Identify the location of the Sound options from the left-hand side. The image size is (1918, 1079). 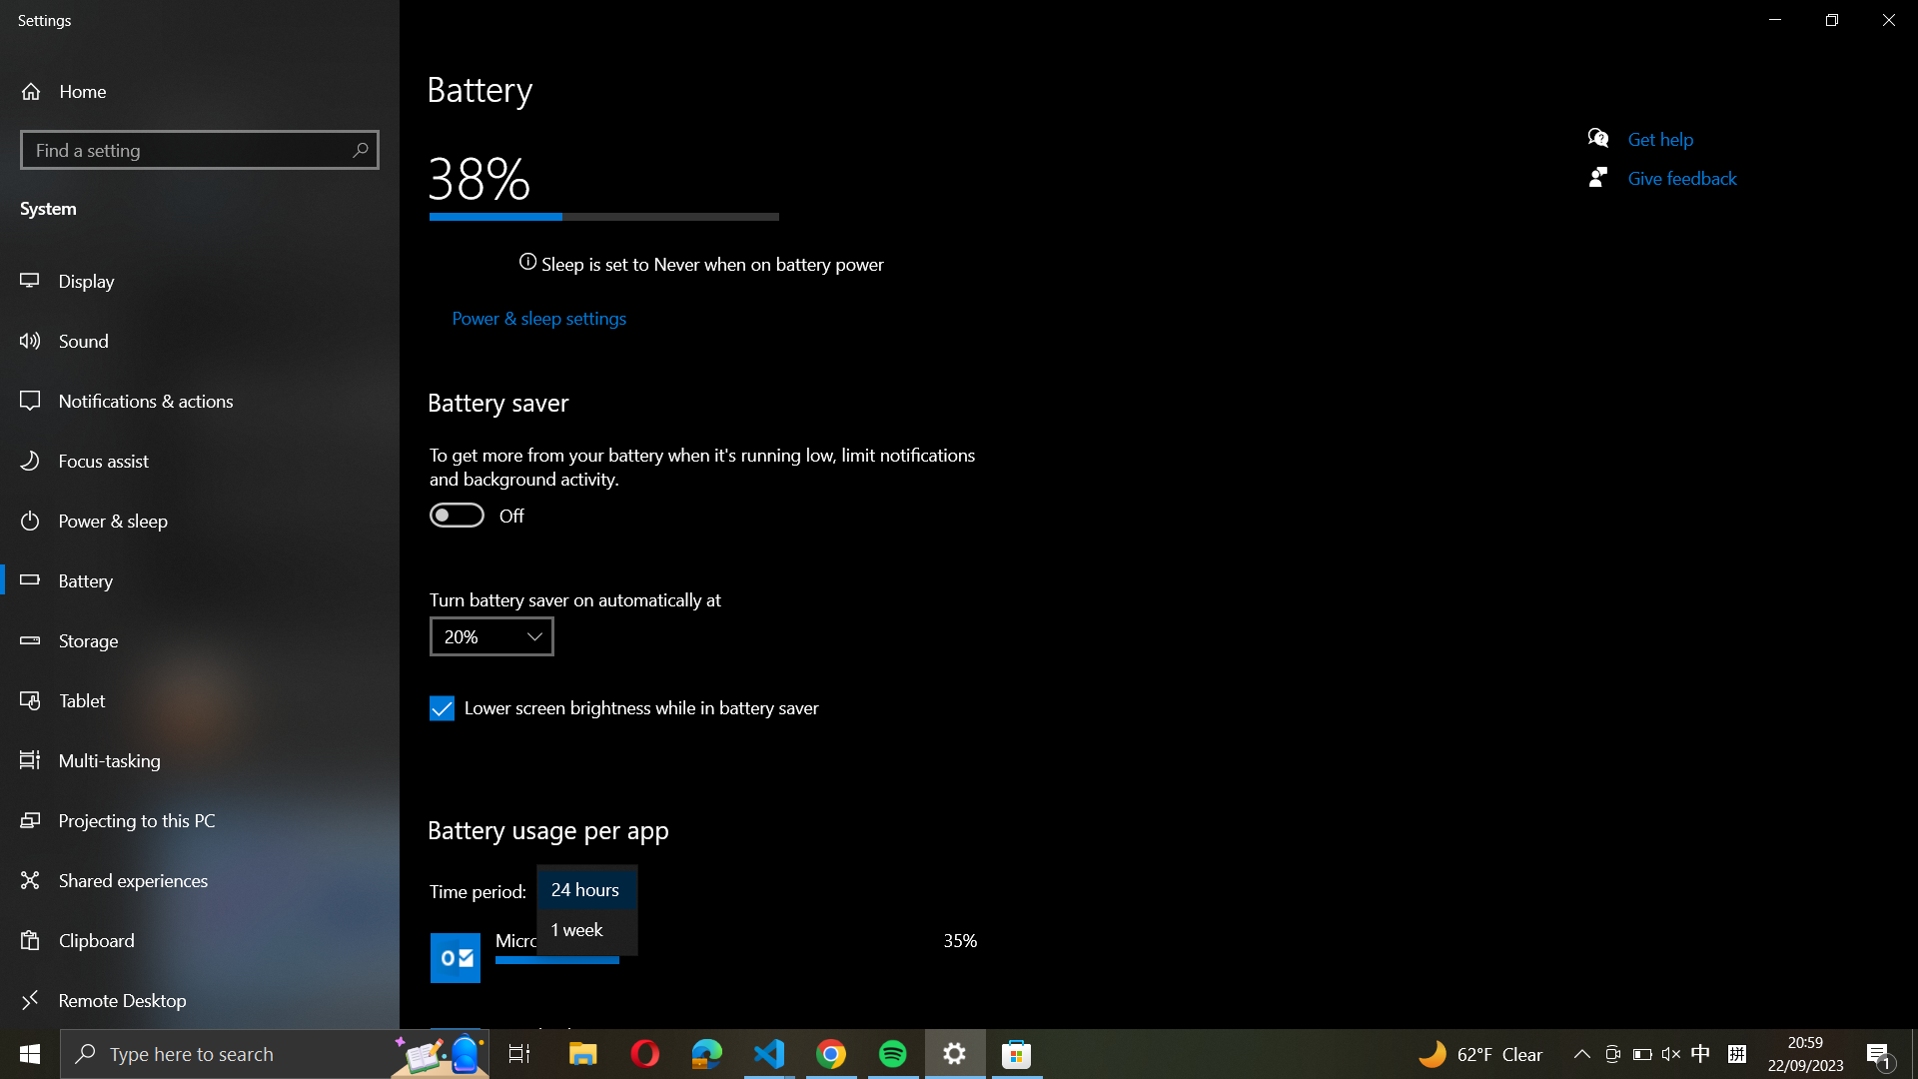
(201, 339).